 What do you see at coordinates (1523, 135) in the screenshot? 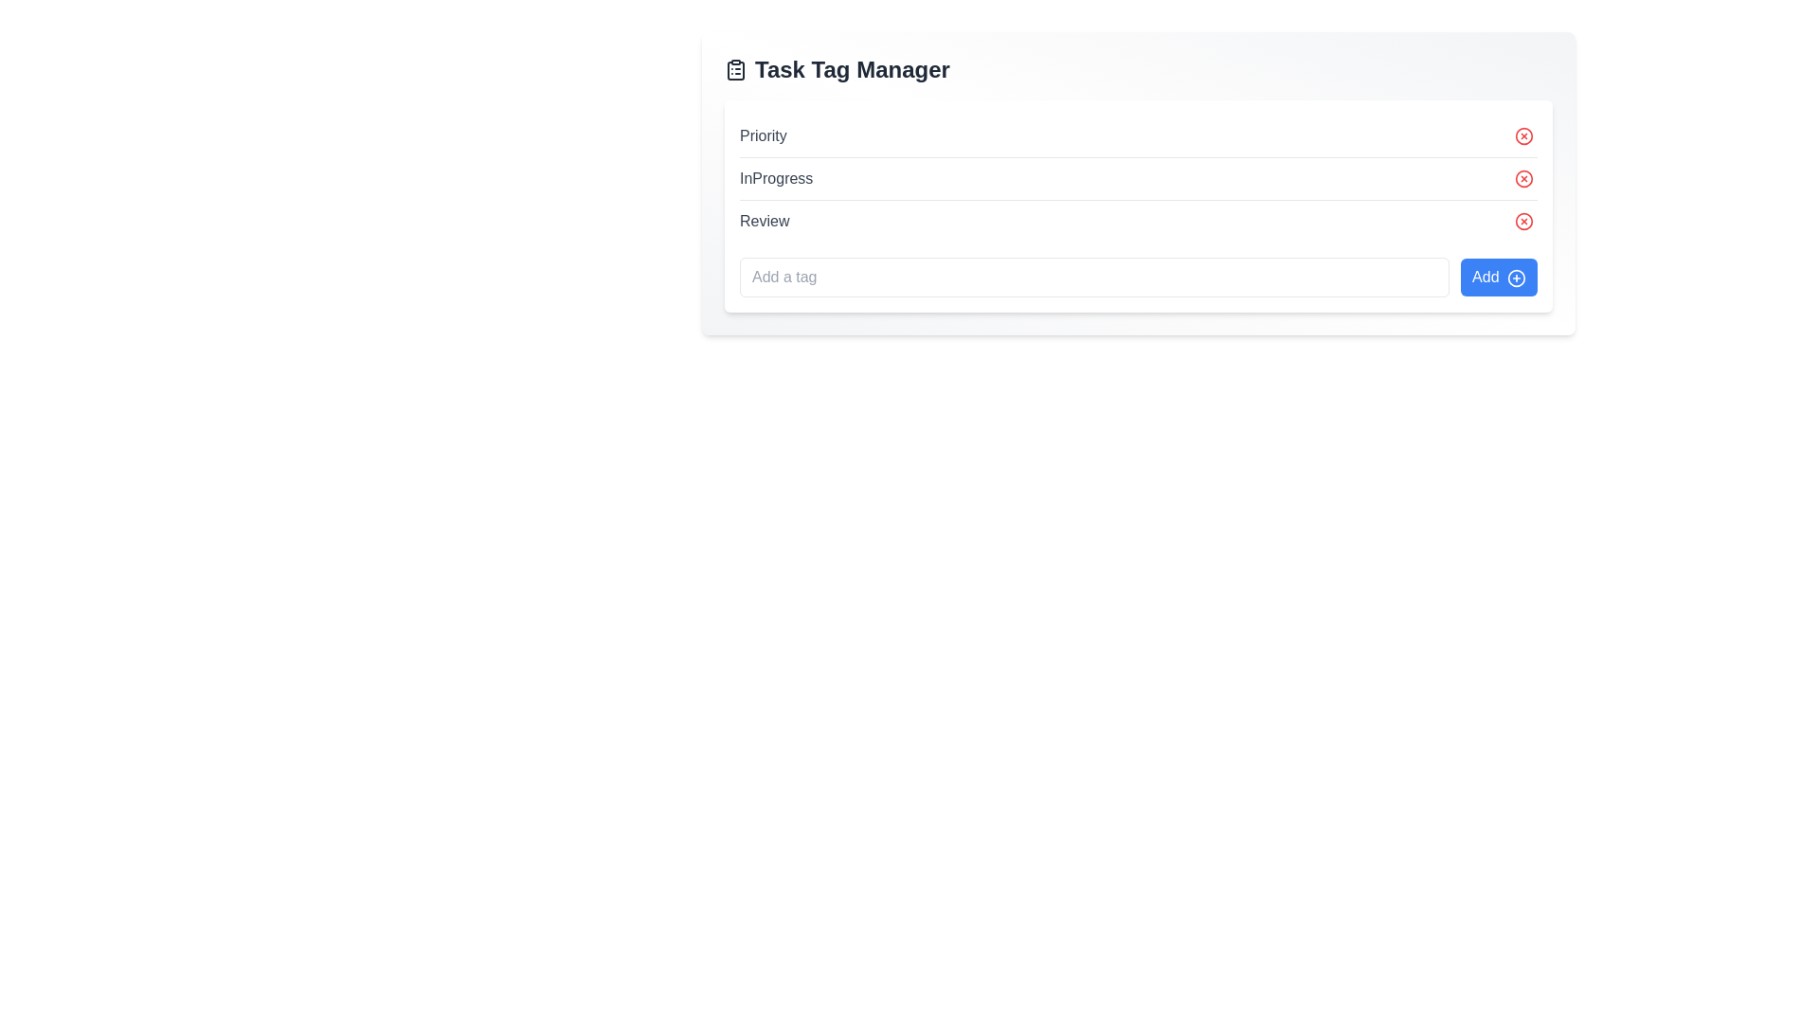
I see `the delete button for the 'Priority' tag entry in the 'Task Tag Manager' interface` at bounding box center [1523, 135].